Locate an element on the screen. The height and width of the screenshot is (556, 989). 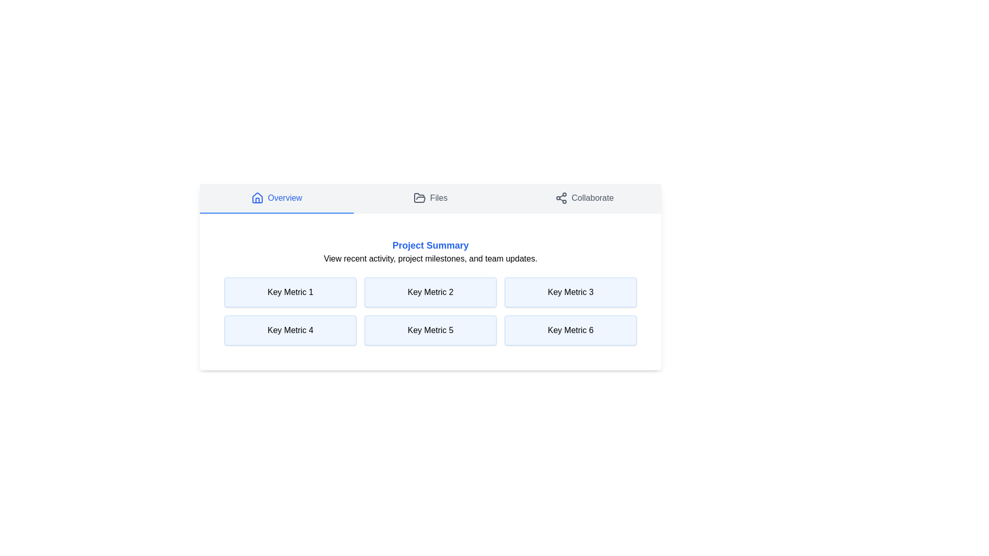
the 'Overview' navigational tab located in the top-left section of the tabbed navigation component is located at coordinates (277, 198).